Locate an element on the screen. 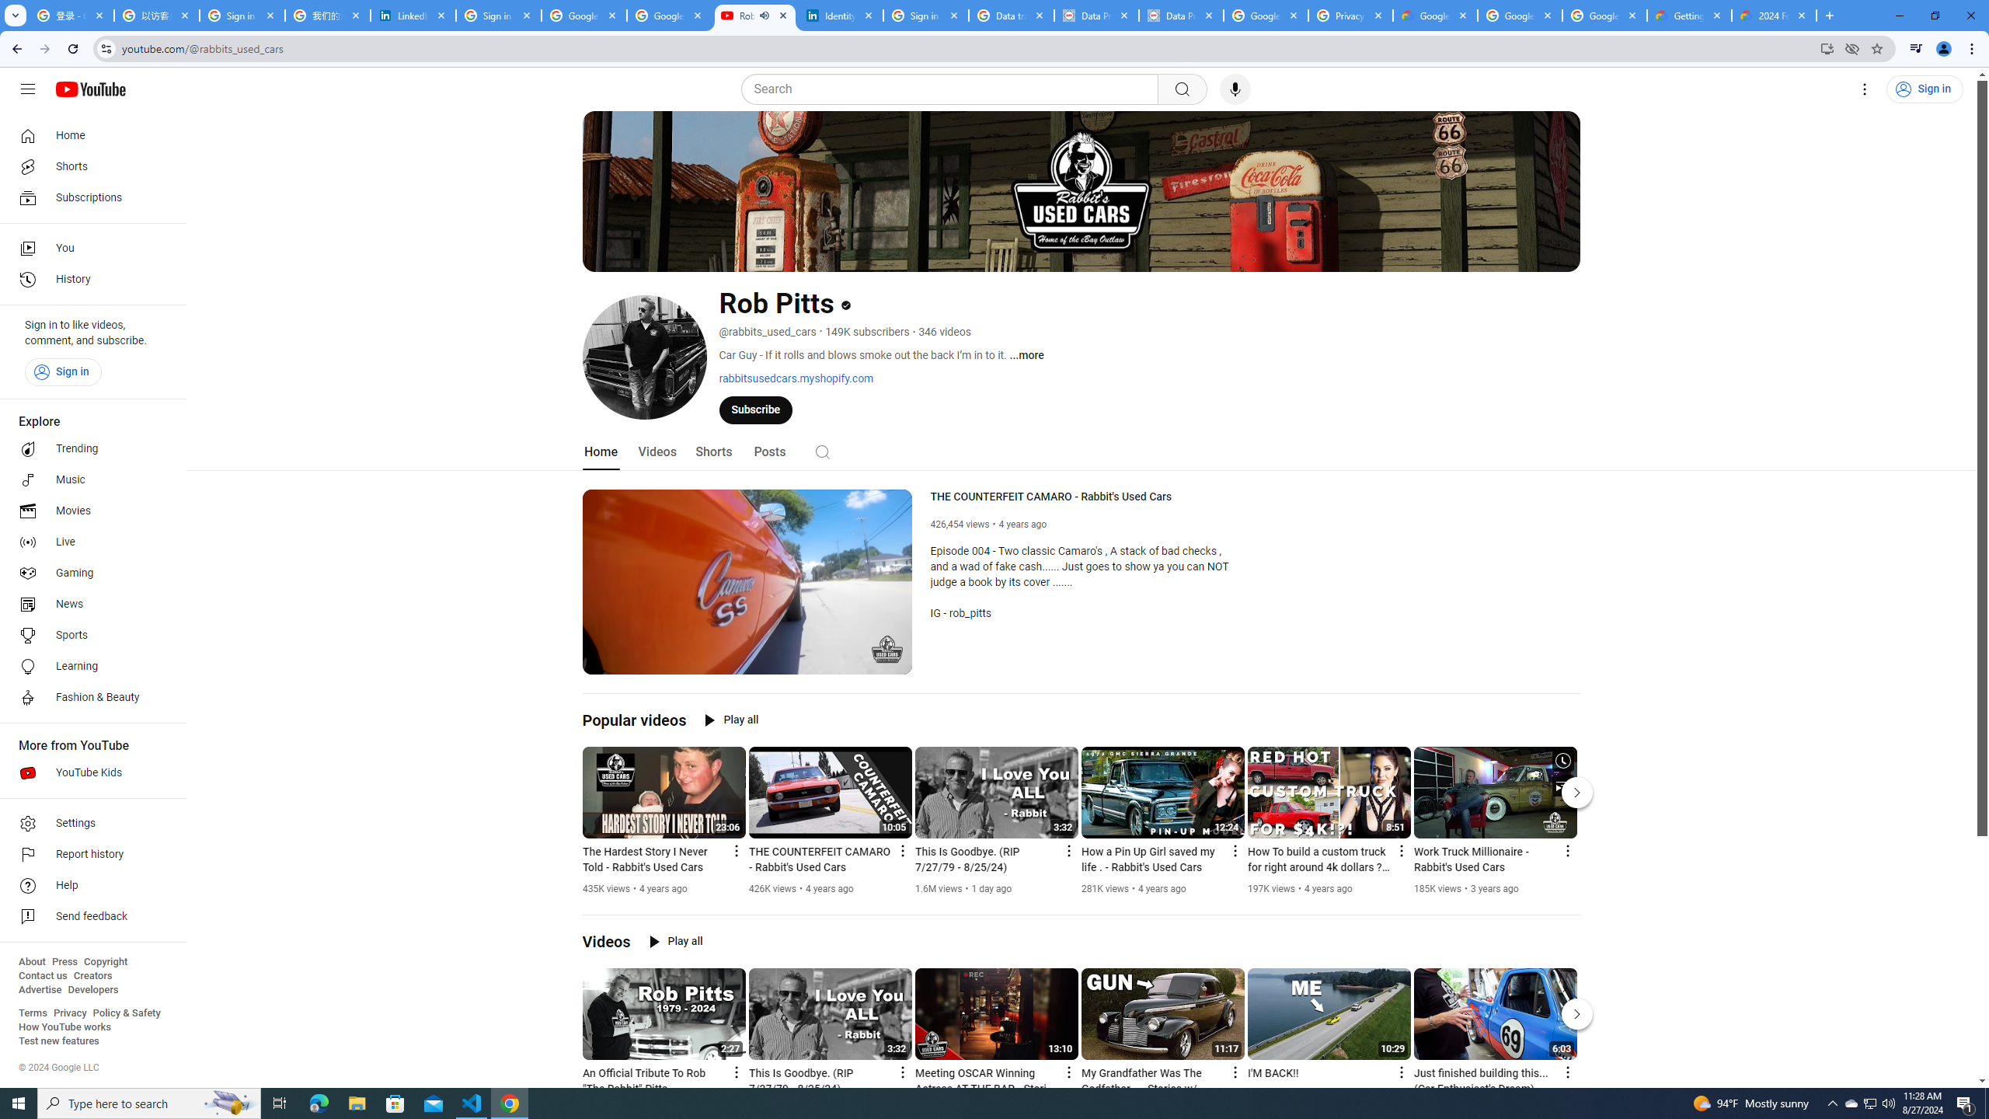  'Google Workspace - Specific Terms' is located at coordinates (1518, 15).